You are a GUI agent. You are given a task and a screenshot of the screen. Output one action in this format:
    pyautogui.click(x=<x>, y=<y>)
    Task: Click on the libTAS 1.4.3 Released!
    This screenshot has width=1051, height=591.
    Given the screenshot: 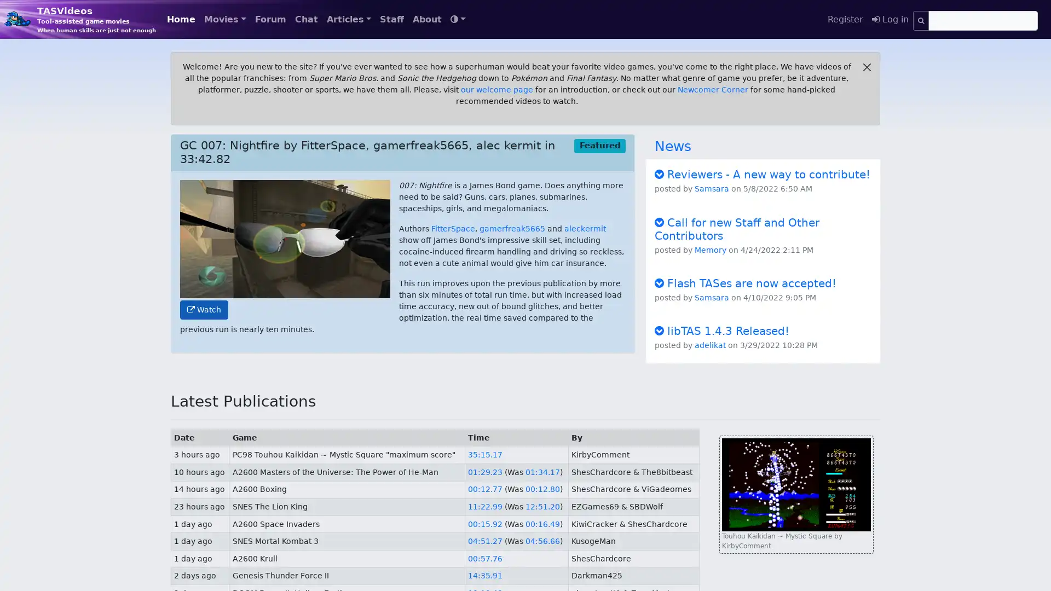 What is the action you would take?
    pyautogui.click(x=722, y=330)
    